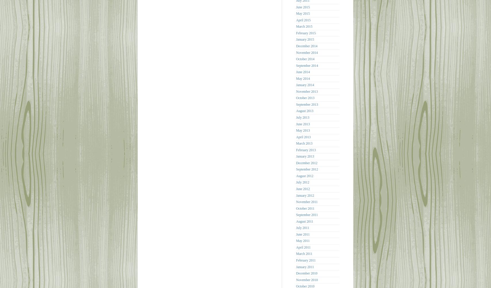  I want to click on 'June 2015', so click(303, 7).